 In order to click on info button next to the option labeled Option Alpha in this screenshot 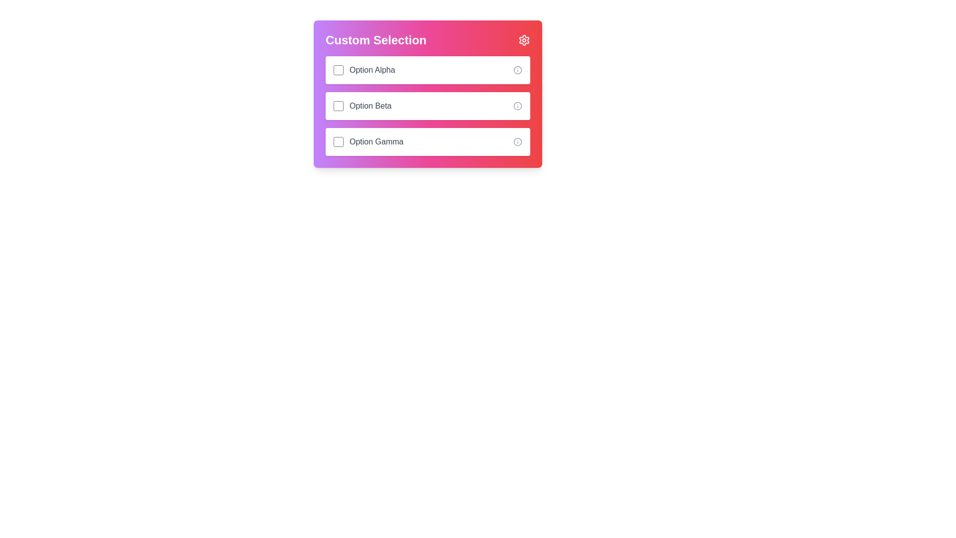, I will do `click(518, 70)`.